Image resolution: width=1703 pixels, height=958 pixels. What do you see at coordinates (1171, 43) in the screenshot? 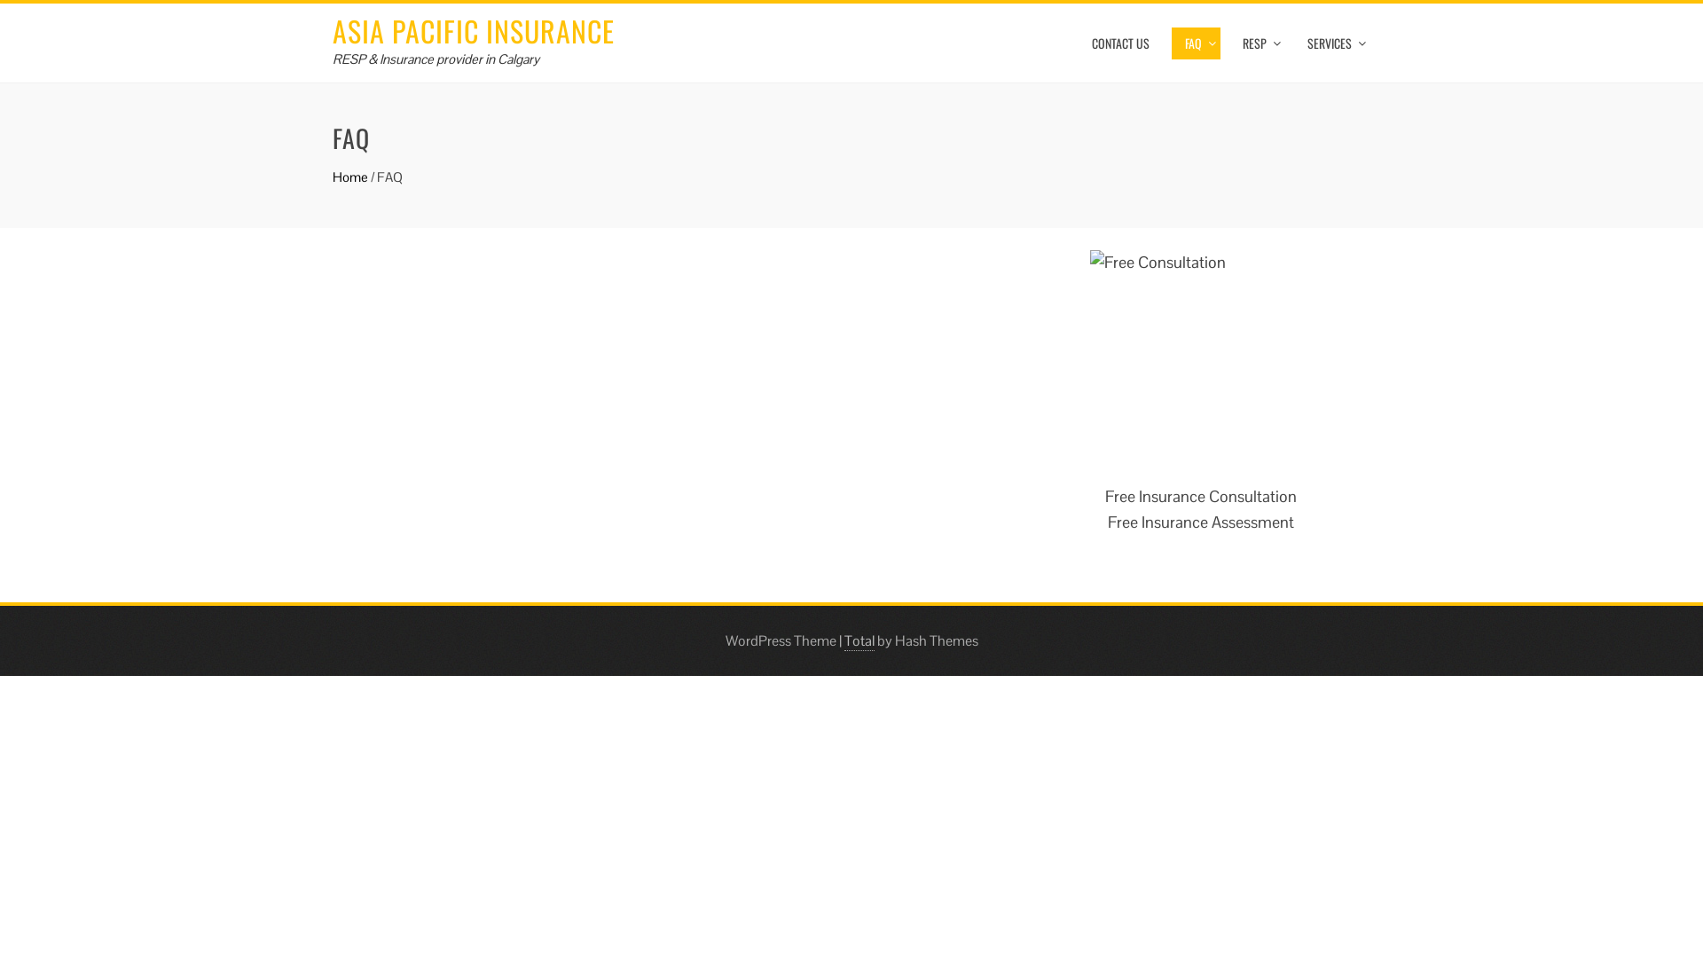
I see `'FAQ'` at bounding box center [1171, 43].